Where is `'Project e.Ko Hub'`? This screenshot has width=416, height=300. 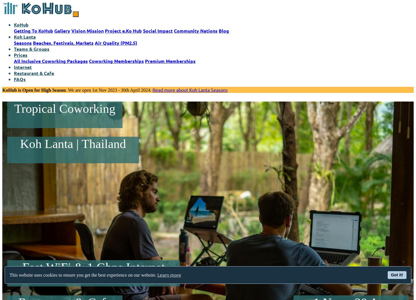 'Project e.Ko Hub' is located at coordinates (123, 30).